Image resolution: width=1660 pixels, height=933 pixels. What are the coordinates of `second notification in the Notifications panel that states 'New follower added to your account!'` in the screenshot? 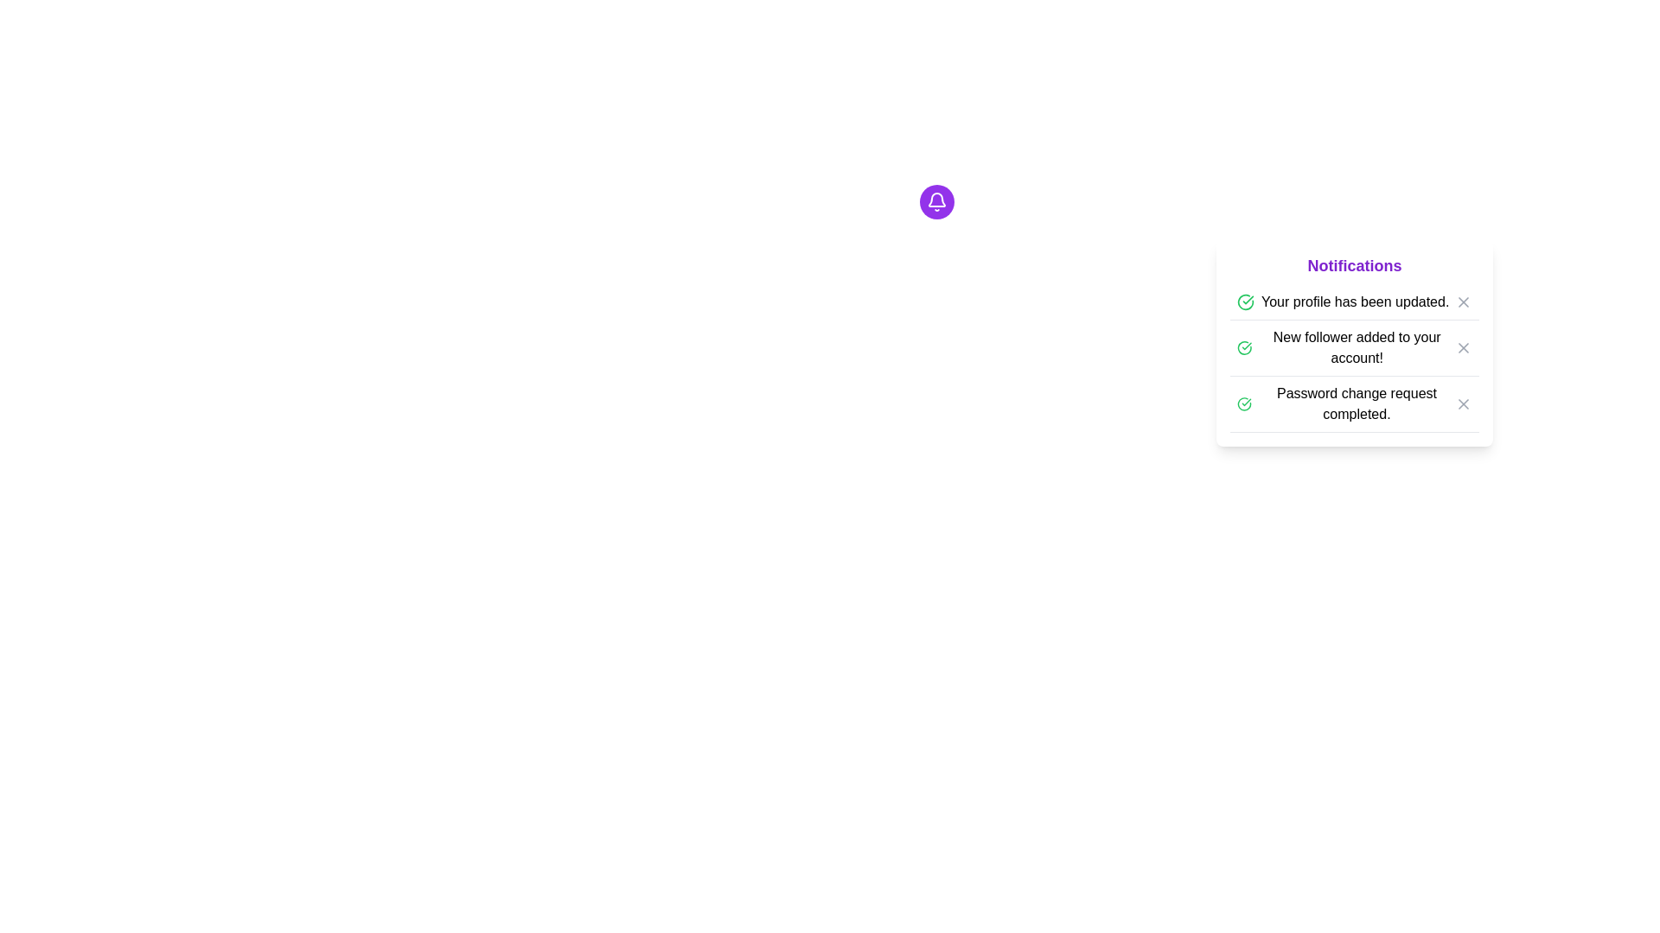 It's located at (1353, 358).